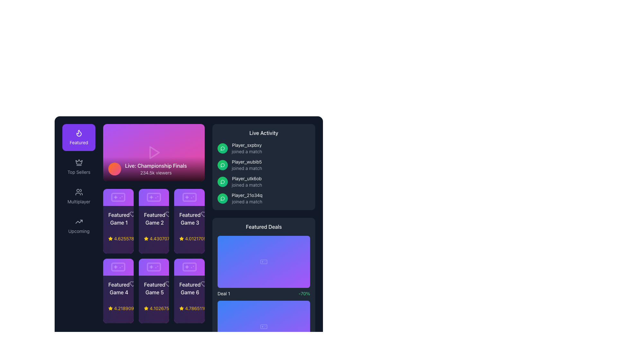 The image size is (617, 347). I want to click on the 'Featured Game 1' label, which is displayed in white font against a dark background, located in the first grid item under the 'Featured Games' section, so click(118, 218).